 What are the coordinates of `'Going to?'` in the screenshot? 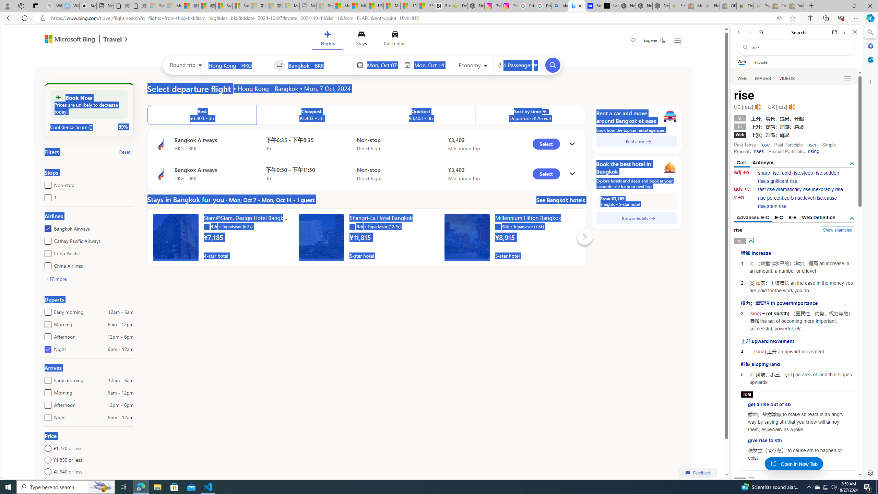 It's located at (319, 64).